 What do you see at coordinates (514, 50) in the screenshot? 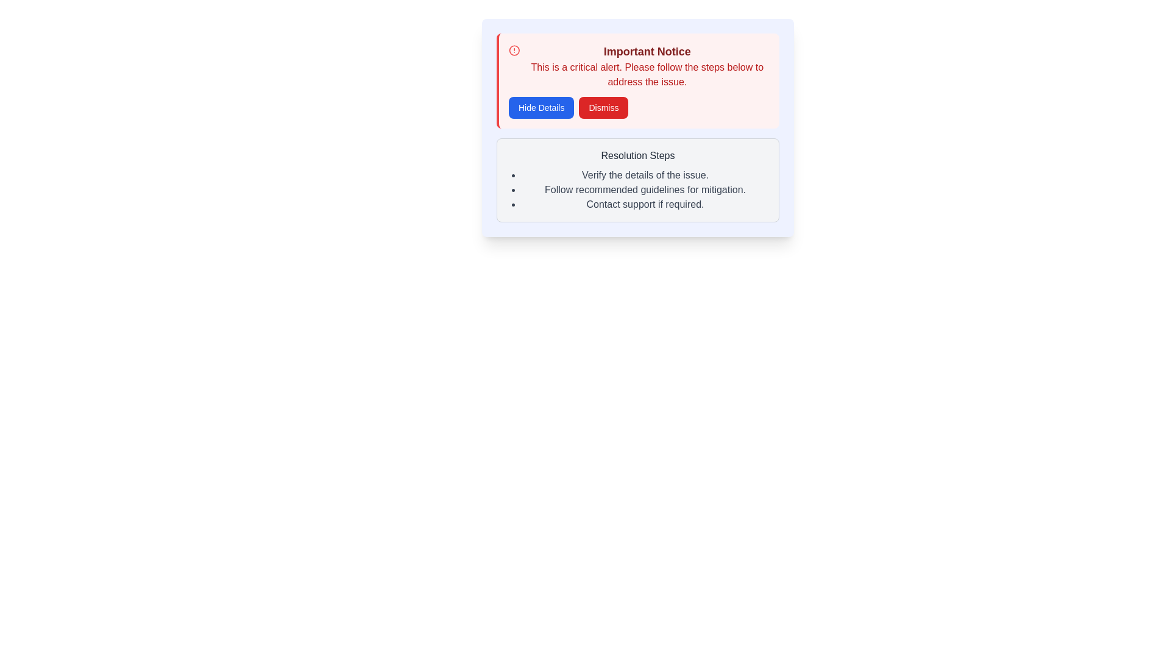
I see `the critical alert icon located at the top left corner of the 'Important Notice' section, preceding the alert message text` at bounding box center [514, 50].